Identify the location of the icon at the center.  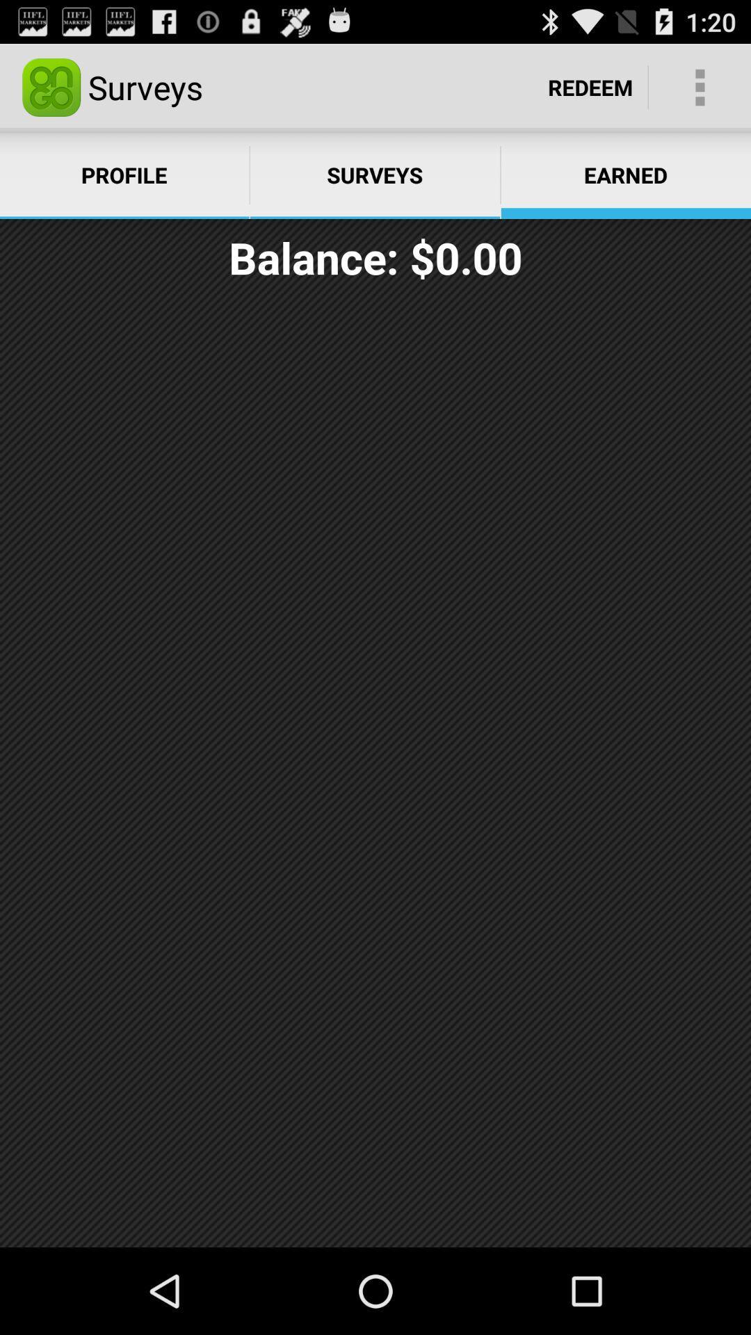
(375, 770).